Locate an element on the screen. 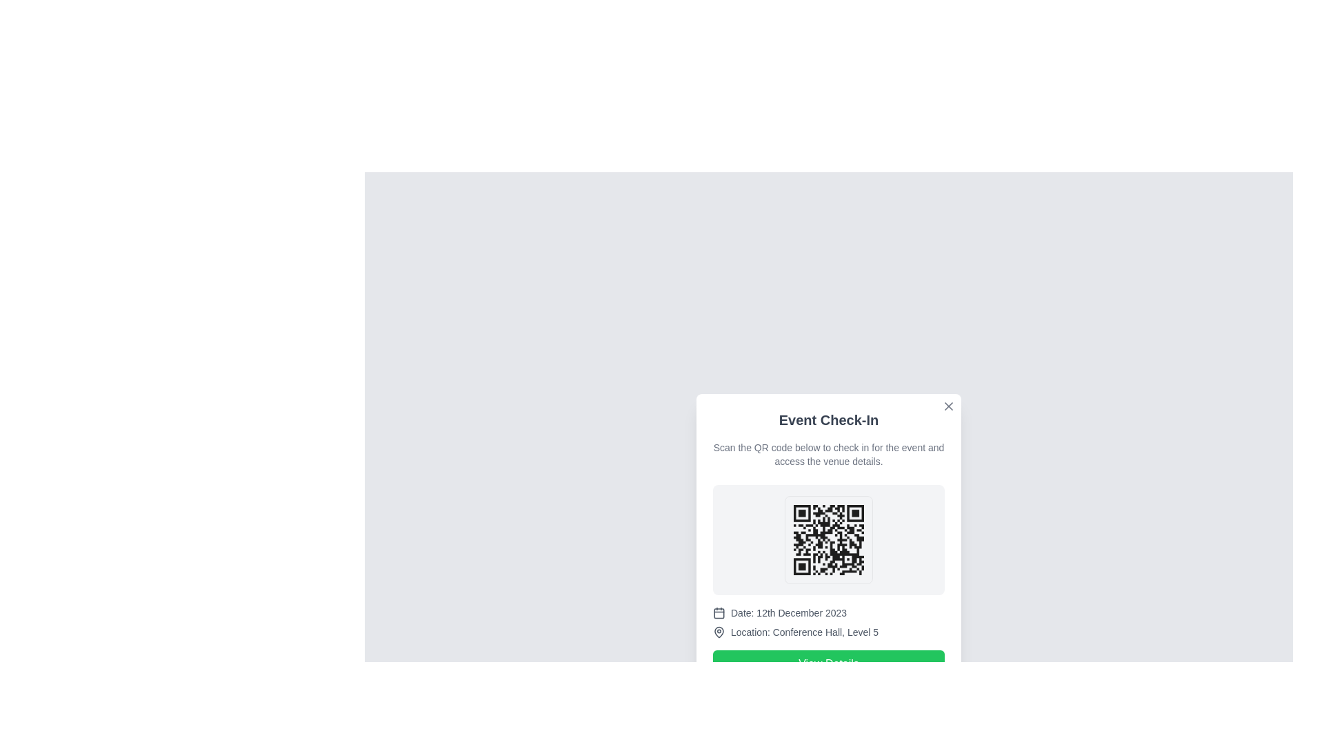 The image size is (1324, 744). date information from the text label displaying 'Date: 12th December 2023', which is styled in gray and positioned alongside a calendar icon is located at coordinates (789, 612).